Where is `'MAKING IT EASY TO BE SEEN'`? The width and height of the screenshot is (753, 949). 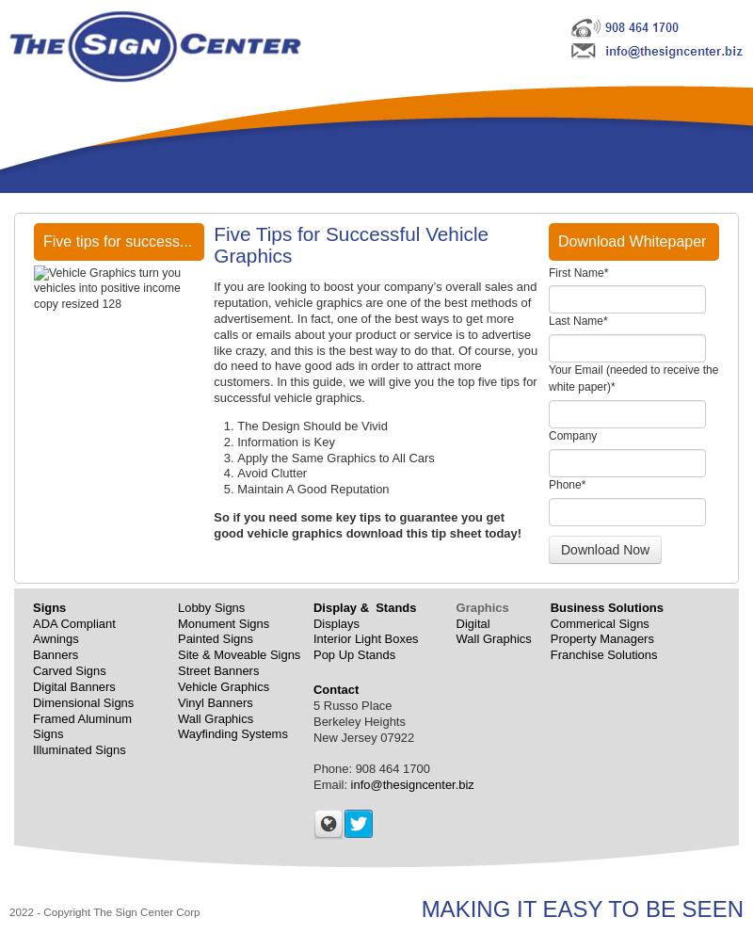
'MAKING IT EASY TO BE SEEN' is located at coordinates (419, 908).